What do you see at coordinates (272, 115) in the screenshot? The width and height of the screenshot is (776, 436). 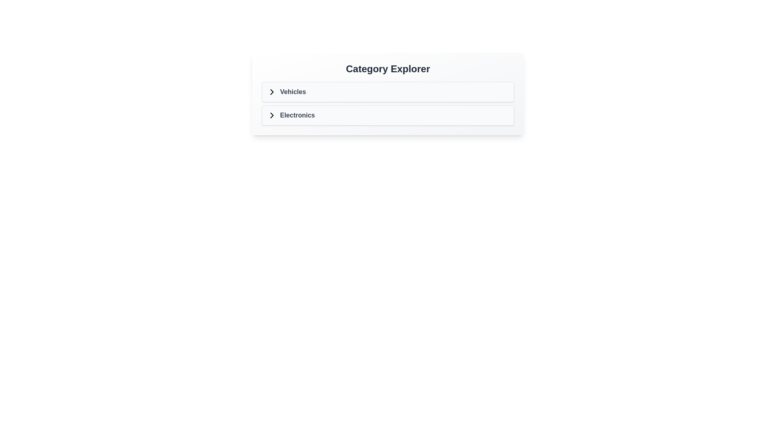 I see `the right-facing chevron icon located to the left of the 'Electronics' label in the 'Category Explorer' interface` at bounding box center [272, 115].